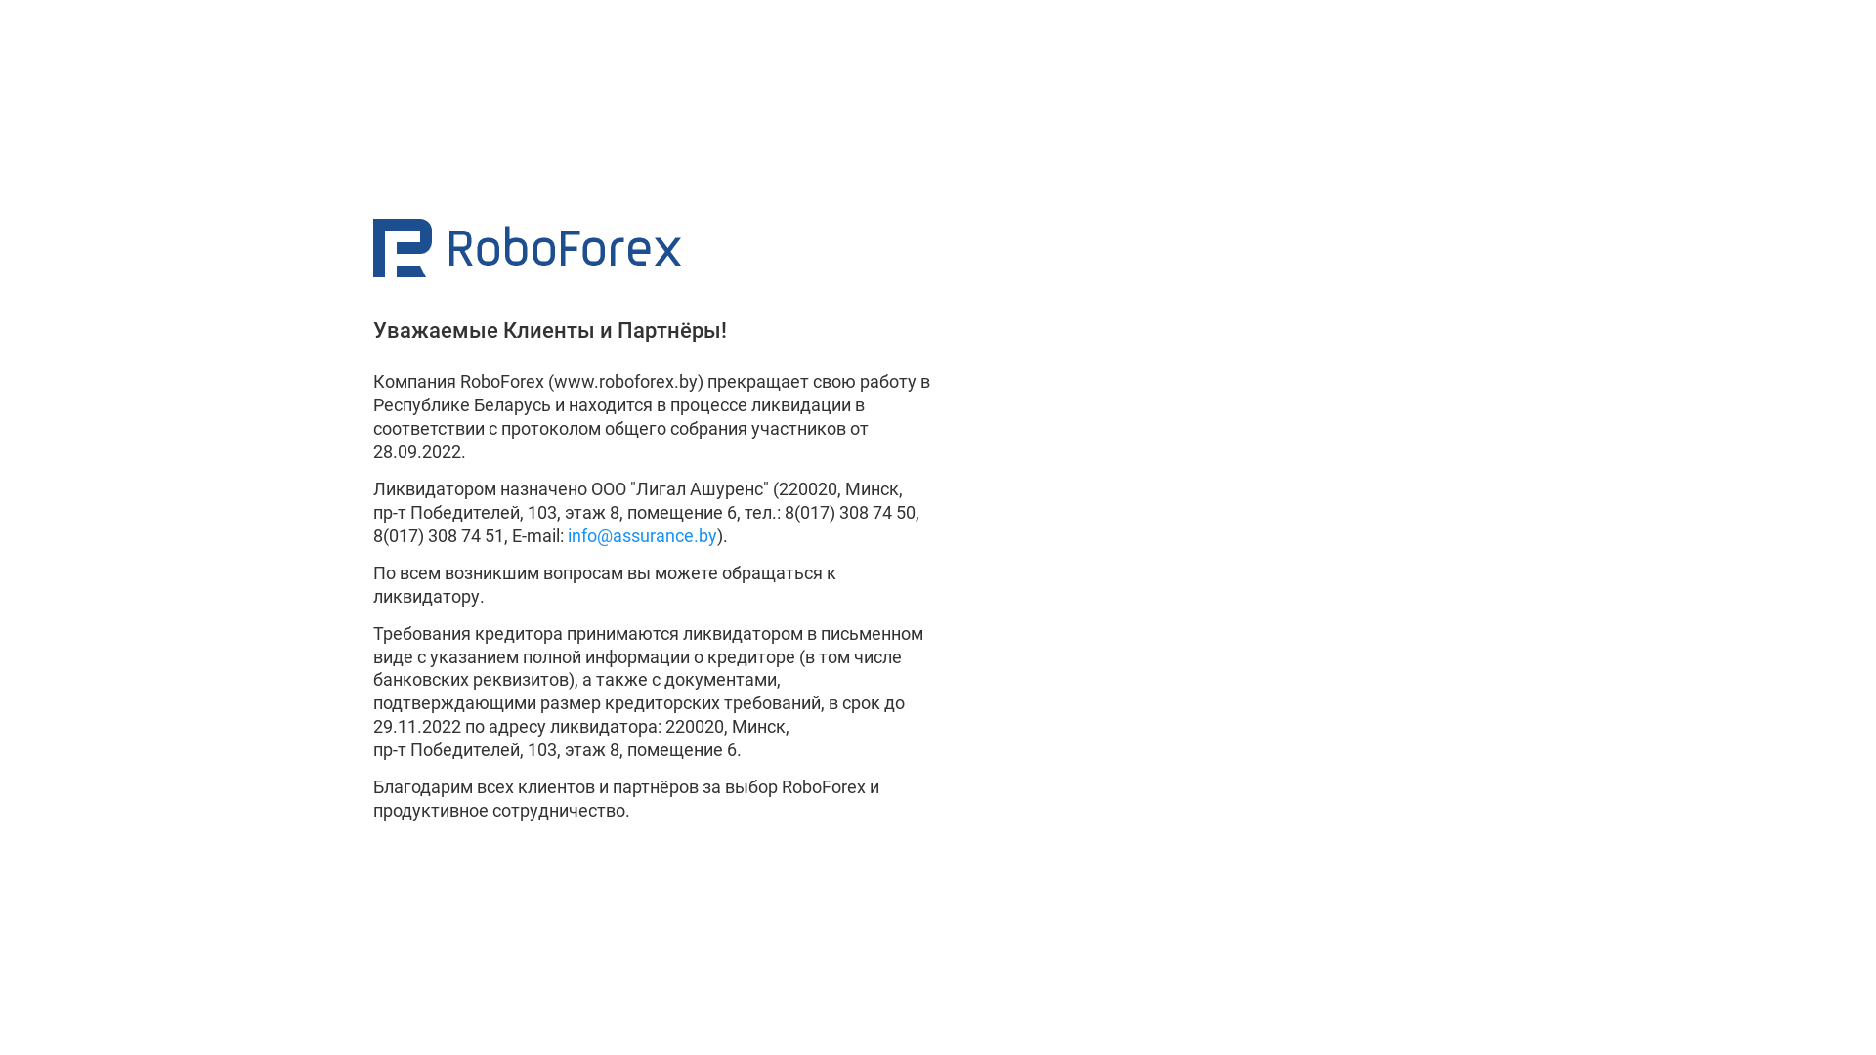 The image size is (1876, 1055). What do you see at coordinates (642, 535) in the screenshot?
I see `'info@assurance.by'` at bounding box center [642, 535].